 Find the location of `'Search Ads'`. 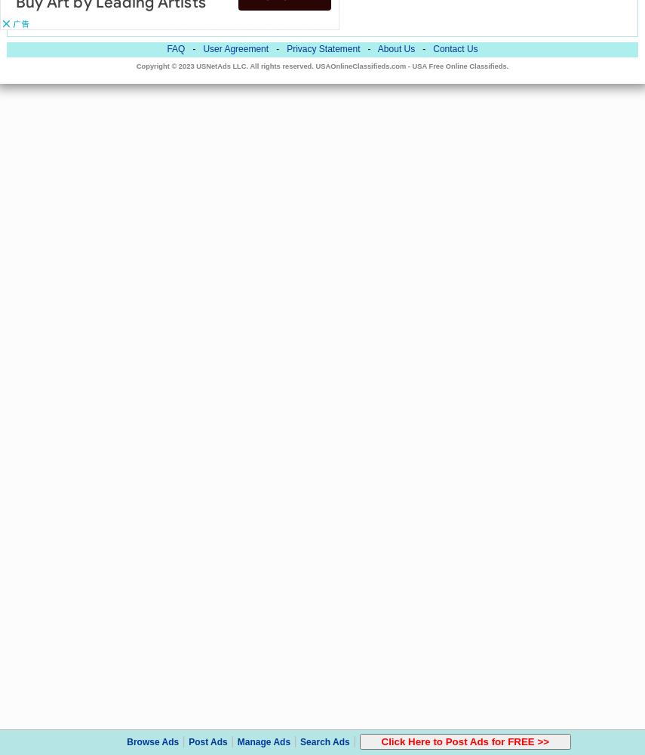

'Search Ads' is located at coordinates (324, 741).